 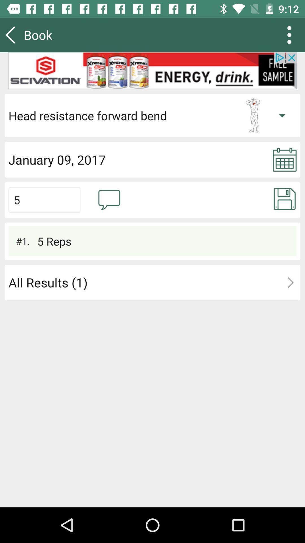 What do you see at coordinates (291, 35) in the screenshot?
I see `the more icon` at bounding box center [291, 35].